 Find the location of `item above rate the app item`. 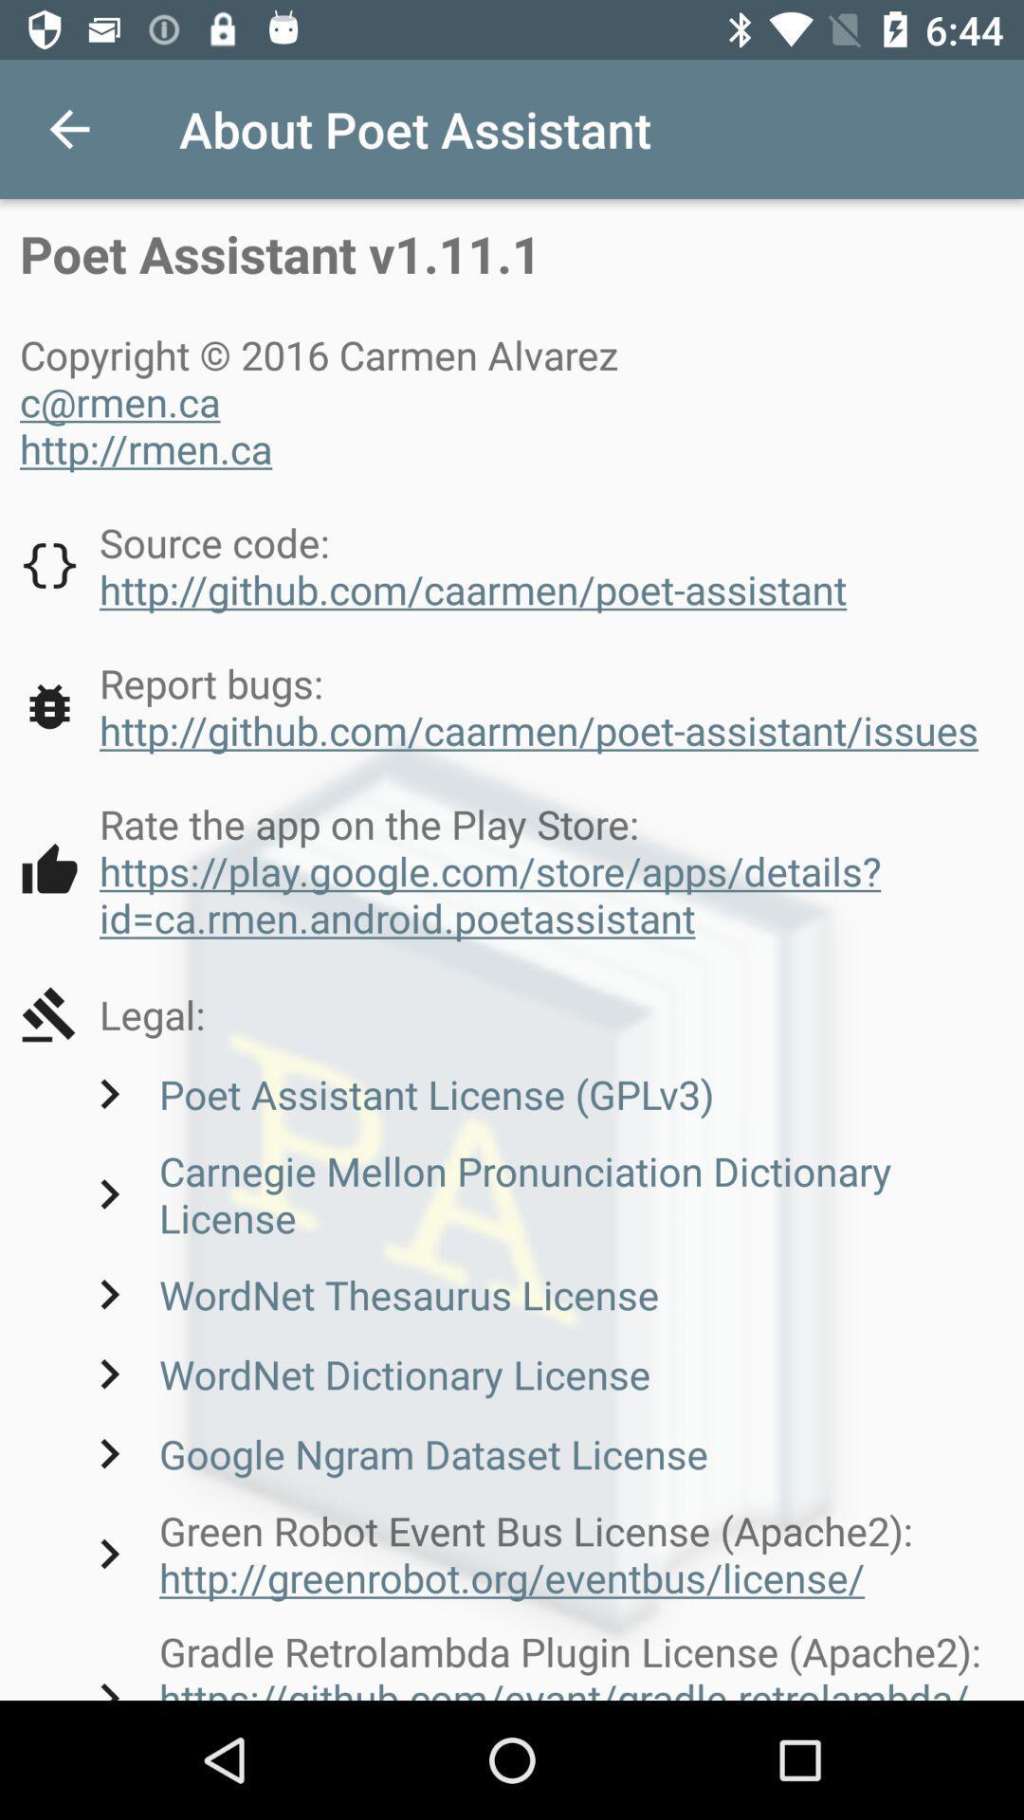

item above rate the app item is located at coordinates (498, 705).